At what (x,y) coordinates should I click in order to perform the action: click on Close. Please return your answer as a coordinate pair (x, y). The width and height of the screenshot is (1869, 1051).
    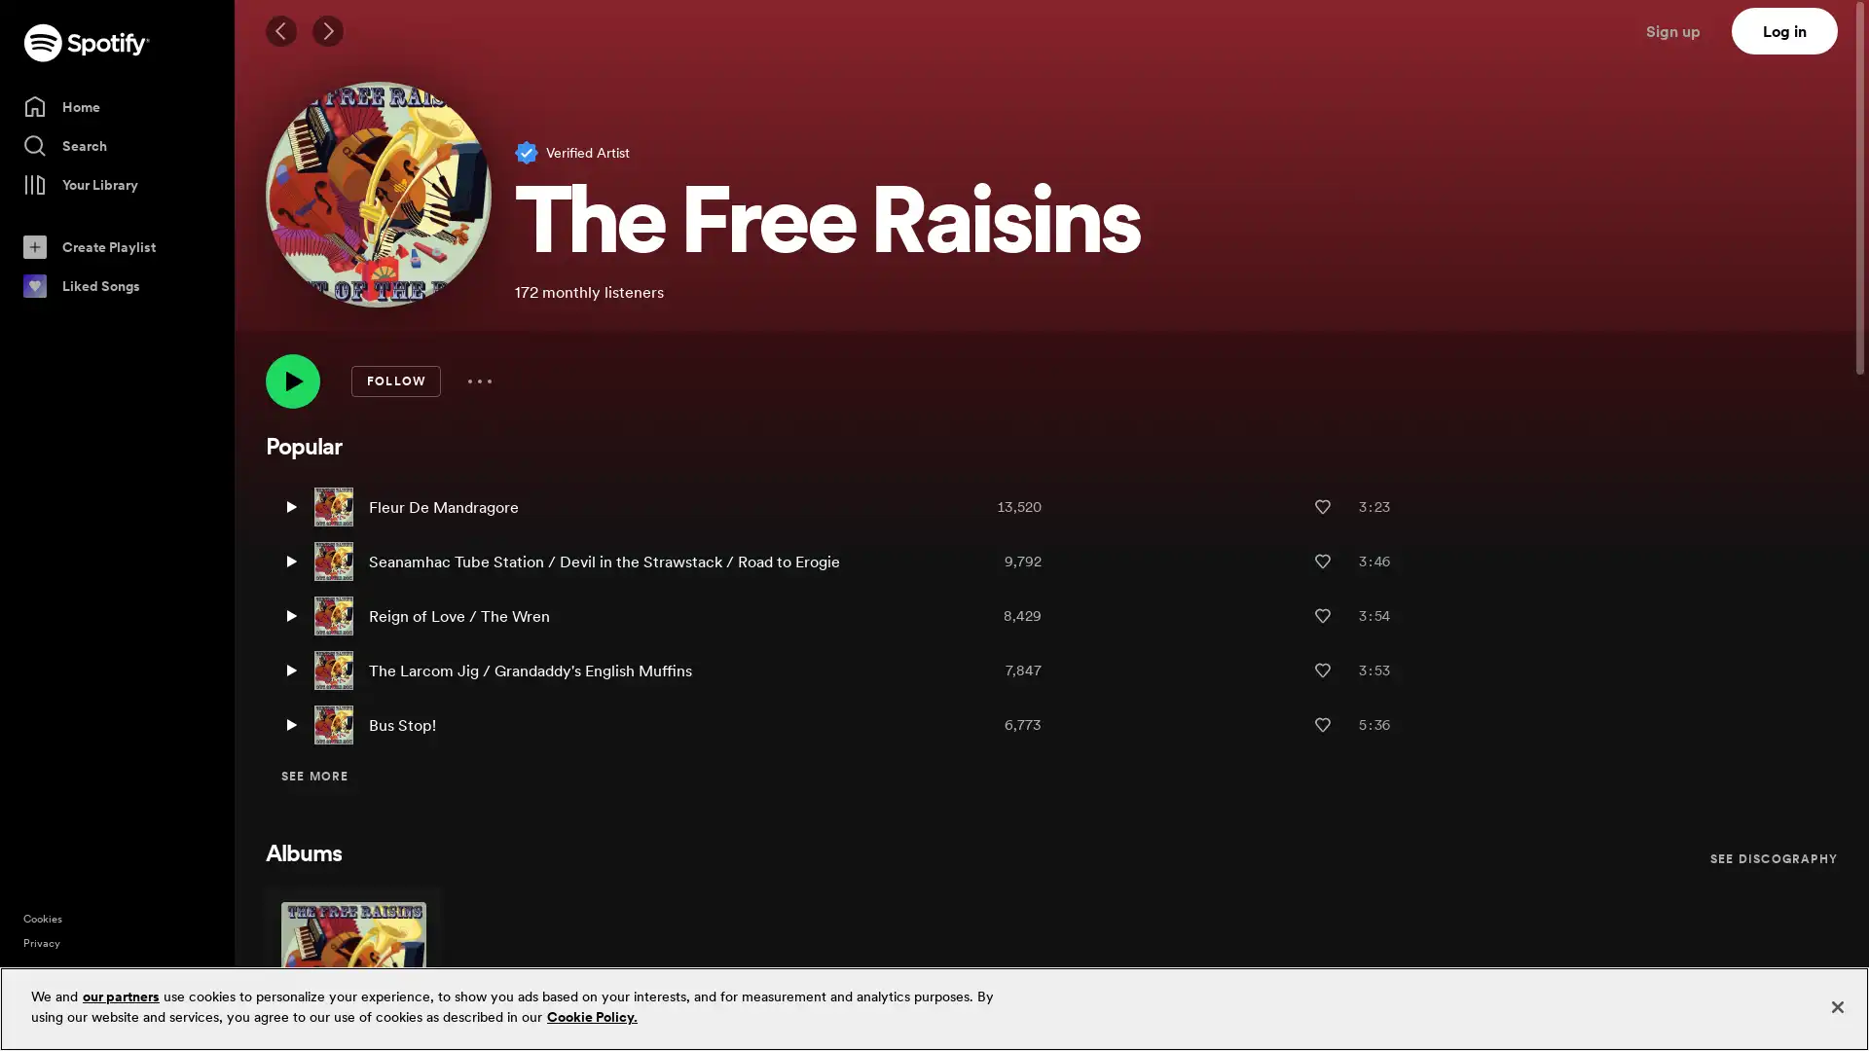
    Looking at the image, I should click on (1836, 1006).